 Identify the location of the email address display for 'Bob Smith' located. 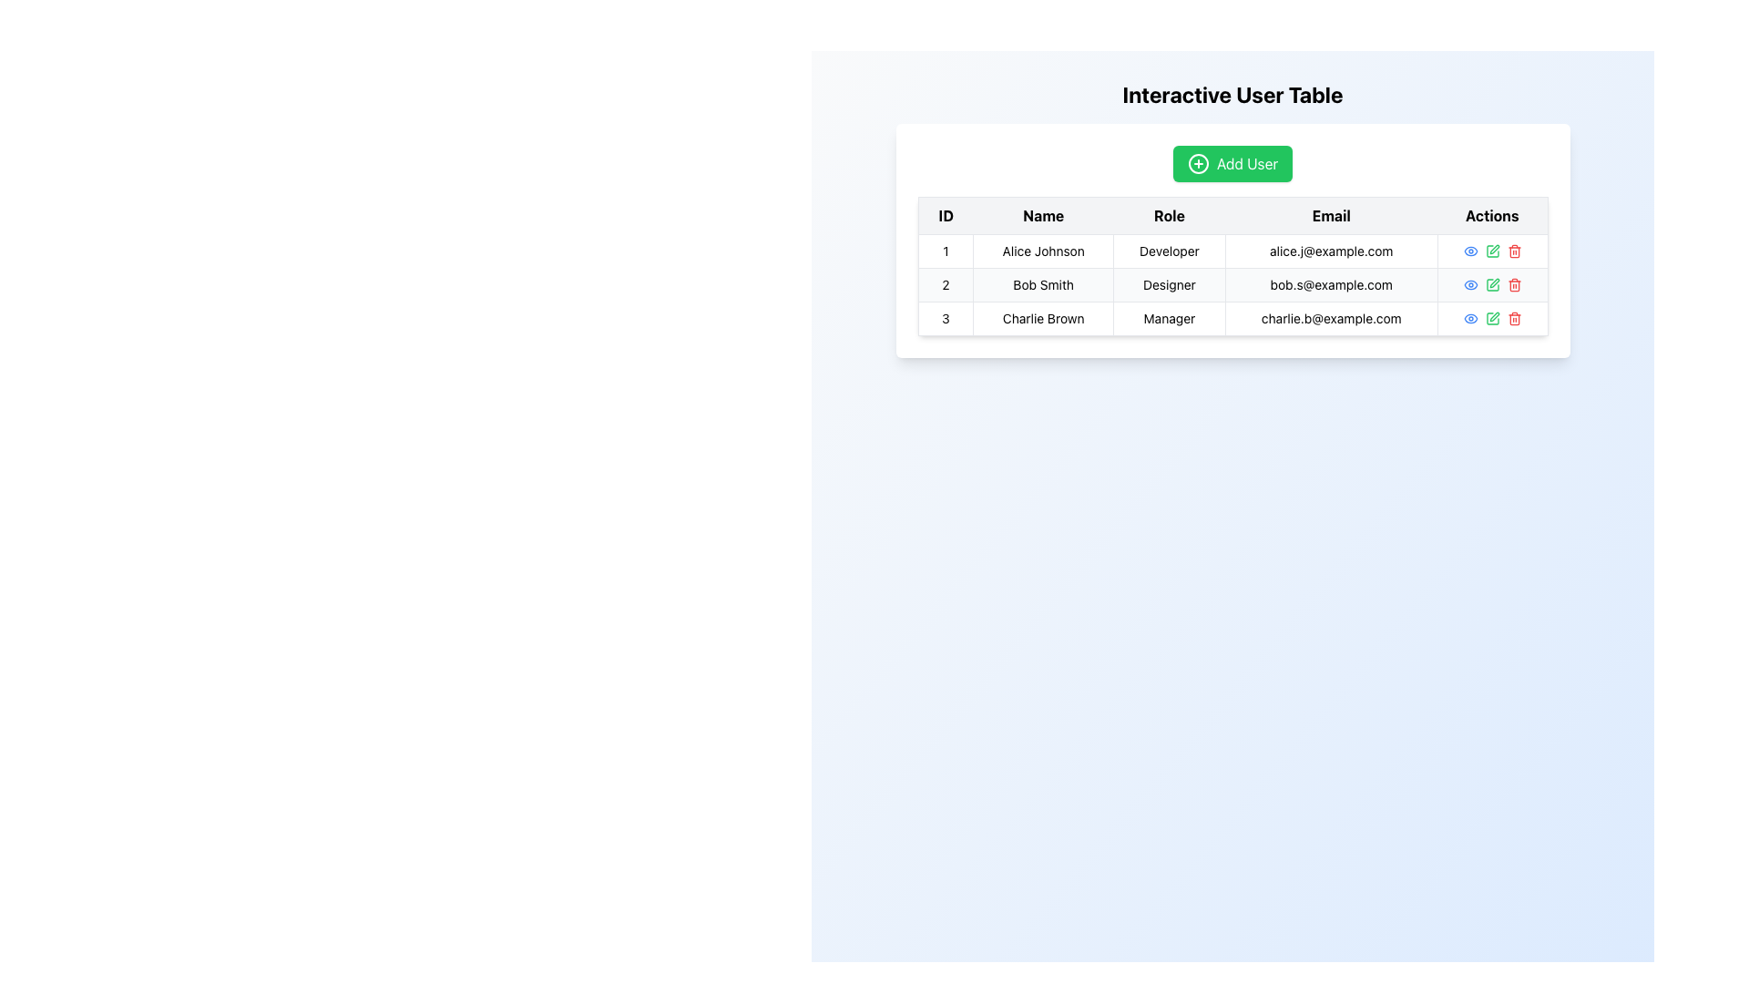
(1331, 284).